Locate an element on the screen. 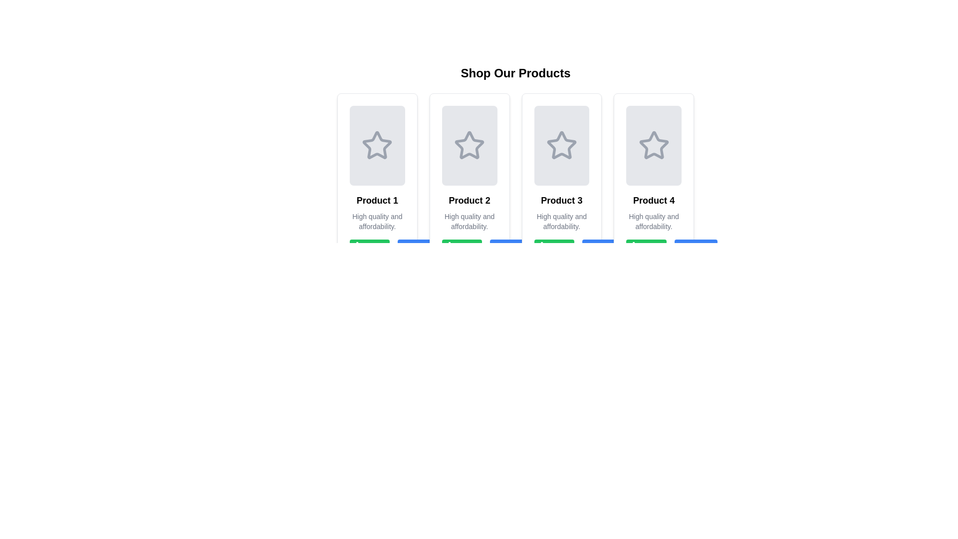 The width and height of the screenshot is (958, 539). the decorative star icon used for product rating in the fourth product card titled 'Product 4' is located at coordinates (654, 145).